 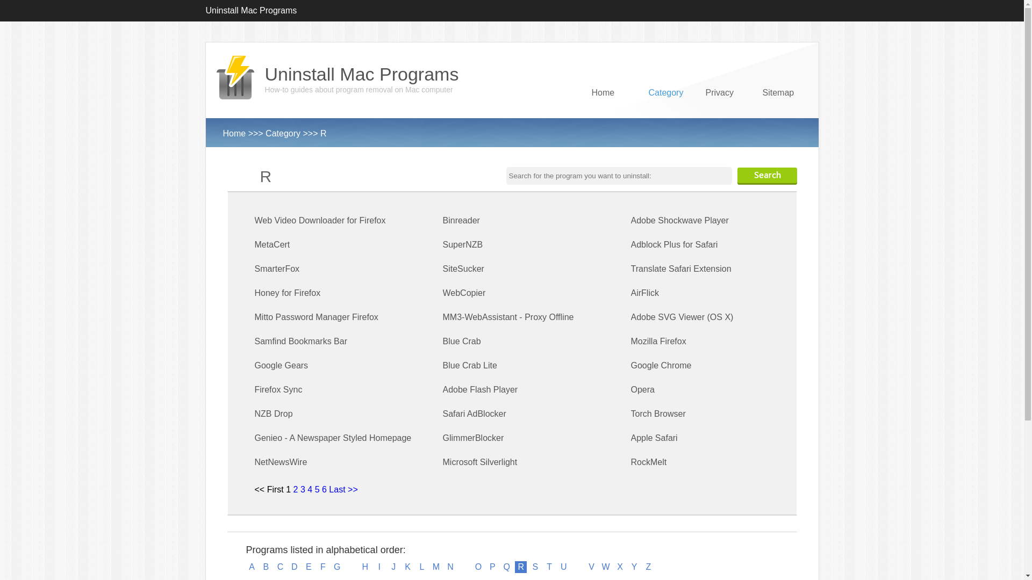 I want to click on 'Apple Safari', so click(x=654, y=438).